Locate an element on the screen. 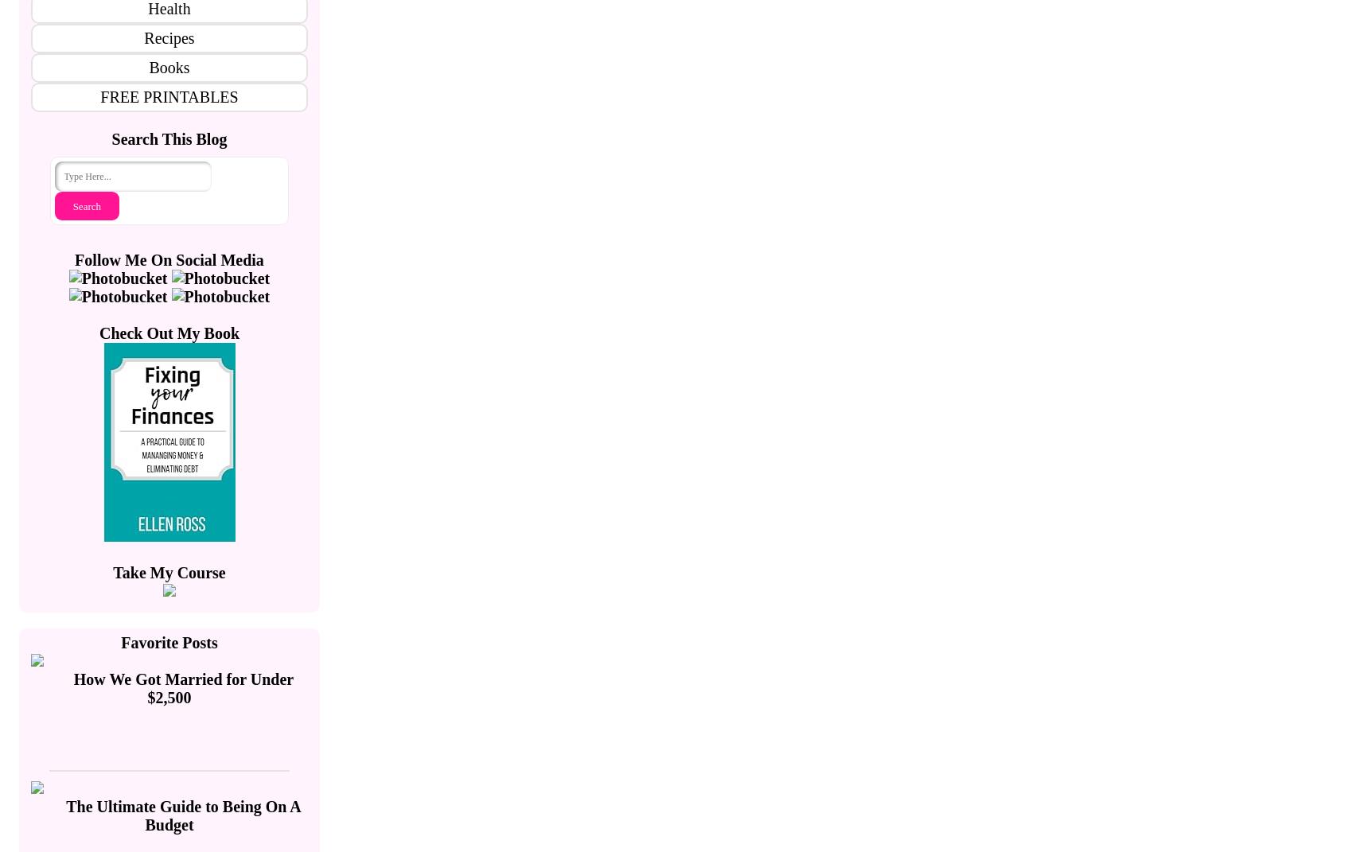 Image resolution: width=1359 pixels, height=852 pixels. 'Search This Blog' is located at coordinates (169, 138).